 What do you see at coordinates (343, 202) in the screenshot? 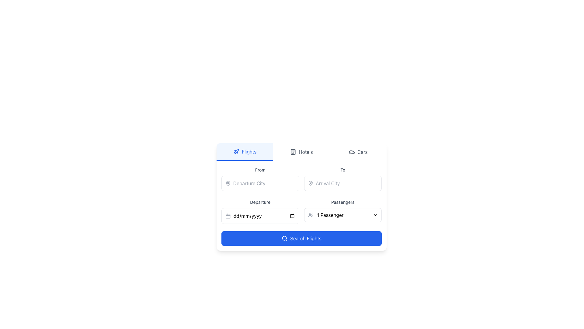
I see `the text label that describes the adjacent dropdown menu for selecting the number of passengers in the flight booking panel` at bounding box center [343, 202].